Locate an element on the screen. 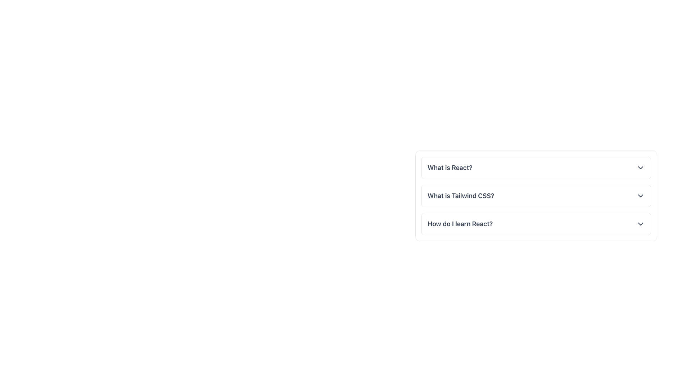 This screenshot has height=389, width=691. the chevron icon button located on the far-right of the 'What is React?' section is located at coordinates (641, 168).